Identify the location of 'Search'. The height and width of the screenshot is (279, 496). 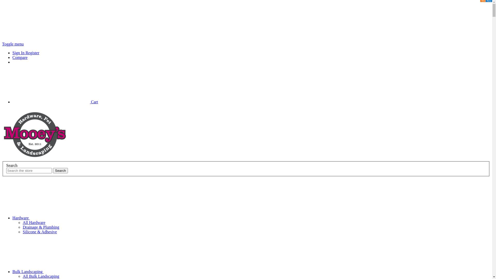
(60, 171).